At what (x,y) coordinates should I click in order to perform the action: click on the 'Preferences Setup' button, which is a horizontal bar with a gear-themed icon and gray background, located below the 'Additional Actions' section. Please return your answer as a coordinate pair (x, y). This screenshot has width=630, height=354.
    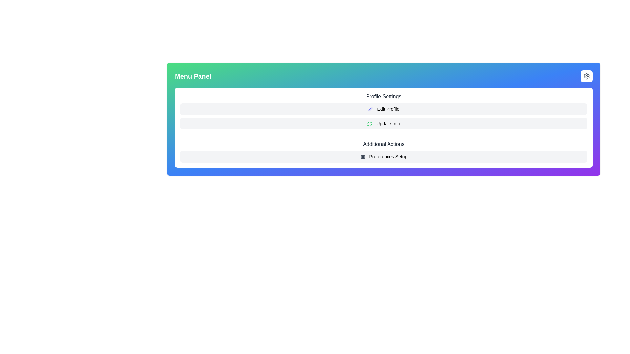
    Looking at the image, I should click on (384, 157).